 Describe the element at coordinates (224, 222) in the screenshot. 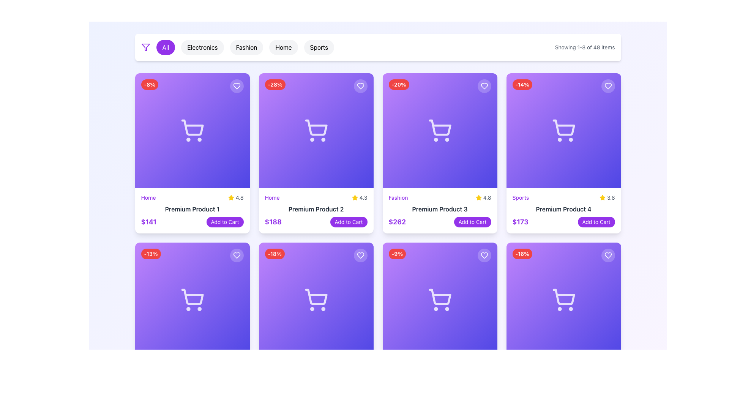

I see `the 'Add to Cart' button, a rectangular button with rounded corners, purple background, and white text, located` at that location.